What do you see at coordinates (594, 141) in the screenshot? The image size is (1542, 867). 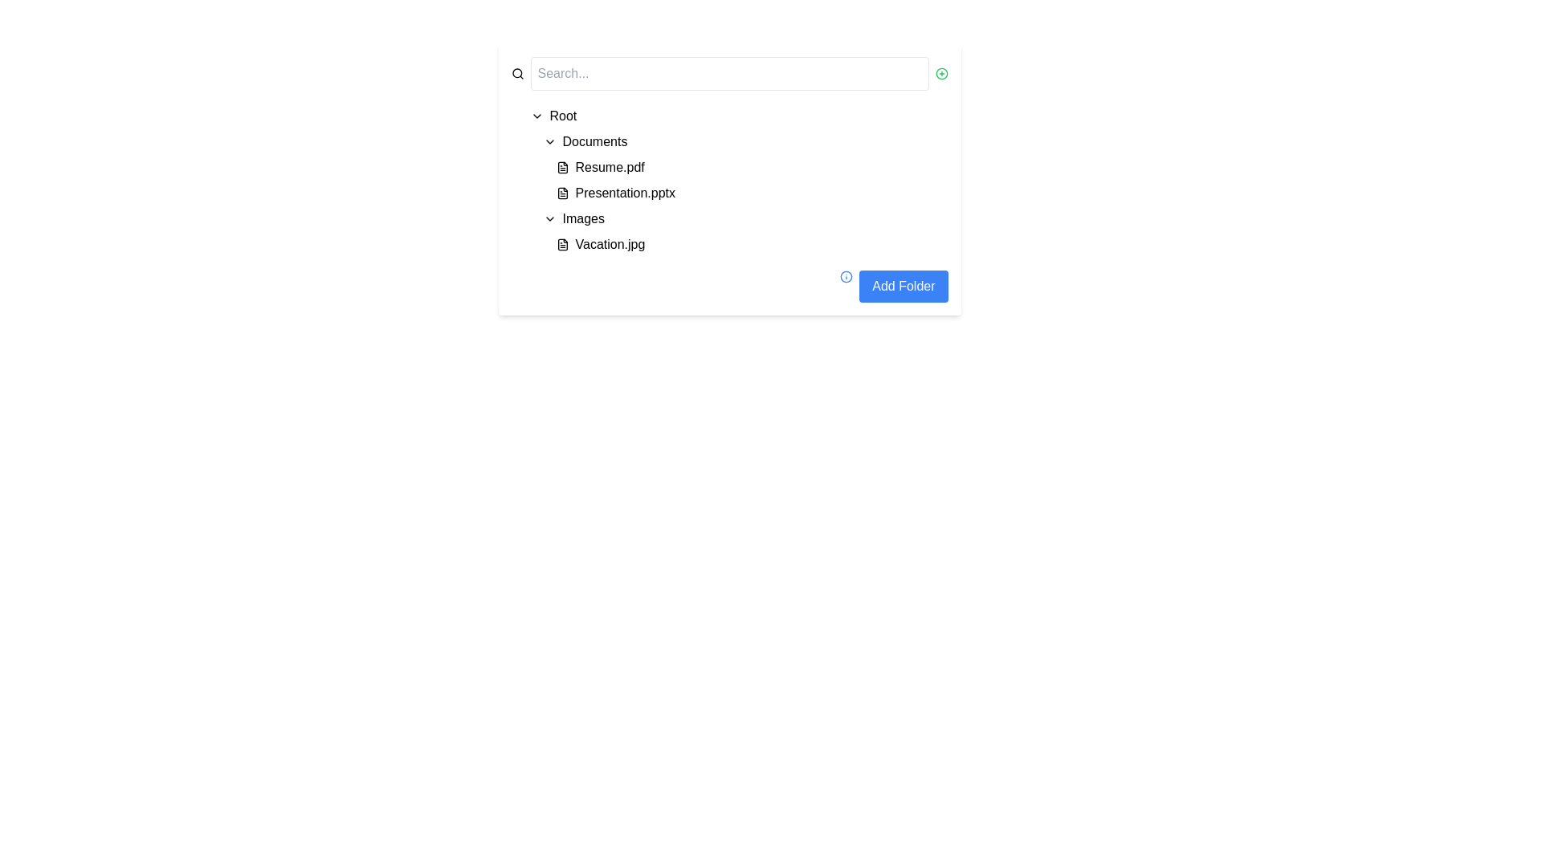 I see `text of the Text label that acts as a label for a collapsible section in the hierarchical list located below 'Root' and above 'Resume.pdf'` at bounding box center [594, 141].